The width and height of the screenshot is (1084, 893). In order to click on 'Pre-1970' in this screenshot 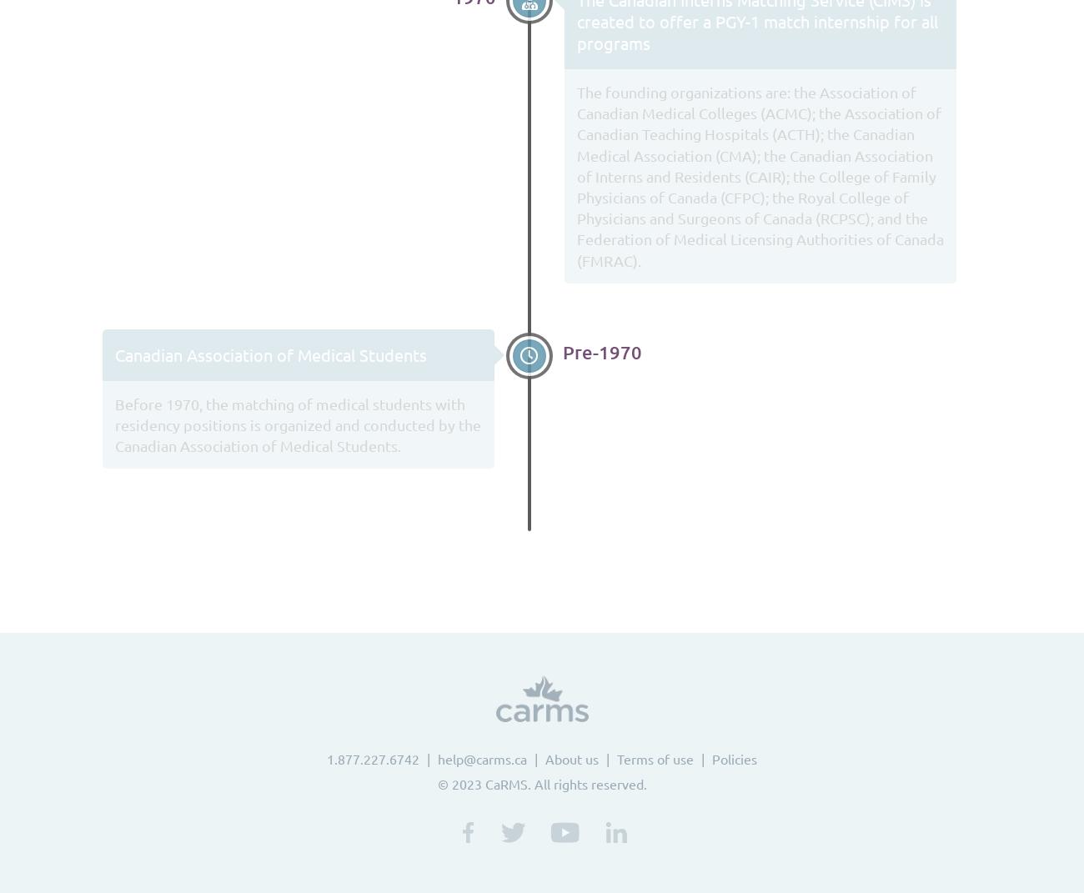, I will do `click(602, 351)`.